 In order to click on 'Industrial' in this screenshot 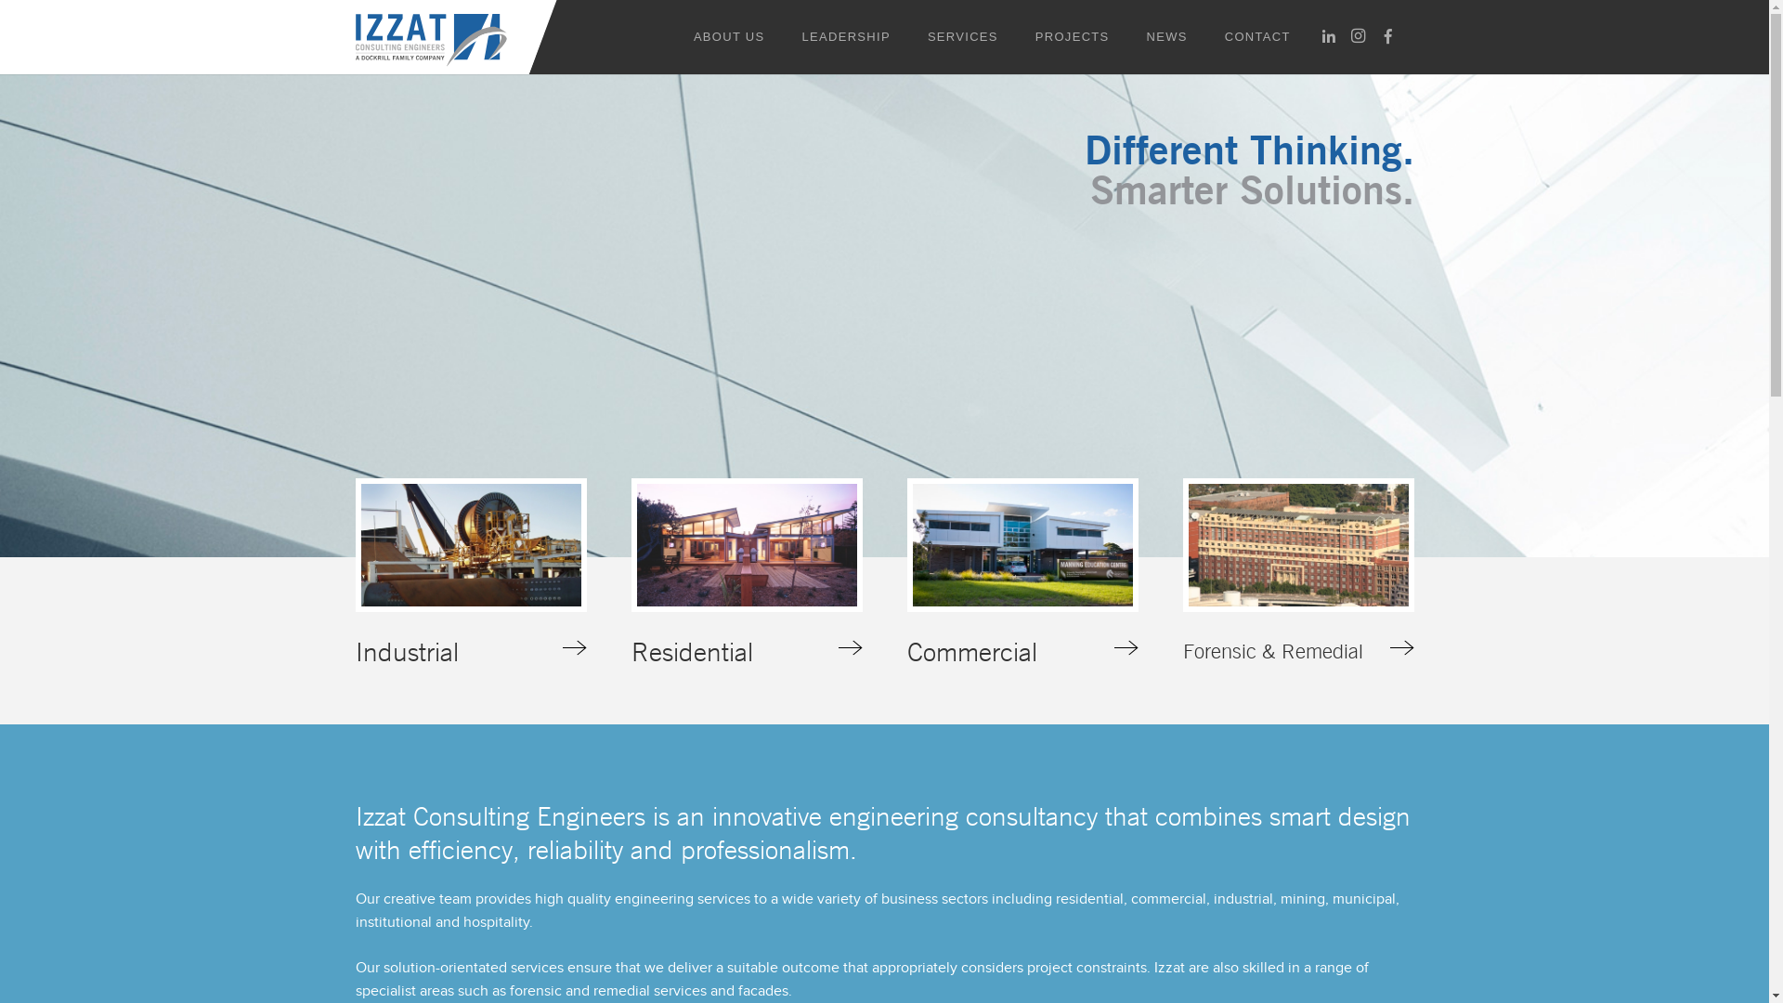, I will do `click(355, 572)`.